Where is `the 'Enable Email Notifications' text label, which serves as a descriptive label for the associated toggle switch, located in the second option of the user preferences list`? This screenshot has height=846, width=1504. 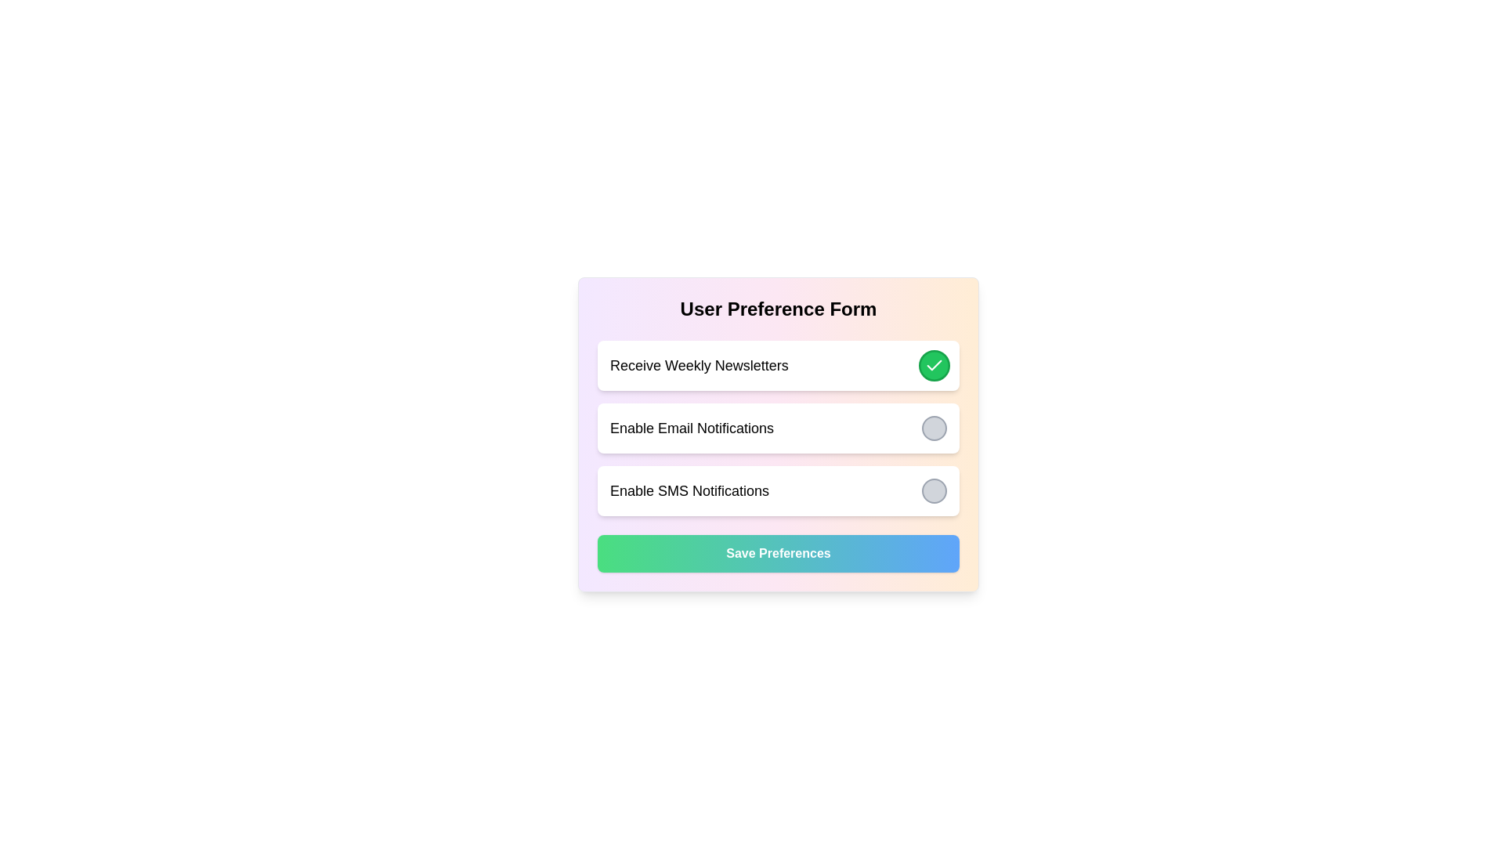 the 'Enable Email Notifications' text label, which serves as a descriptive label for the associated toggle switch, located in the second option of the user preferences list is located at coordinates (691, 428).